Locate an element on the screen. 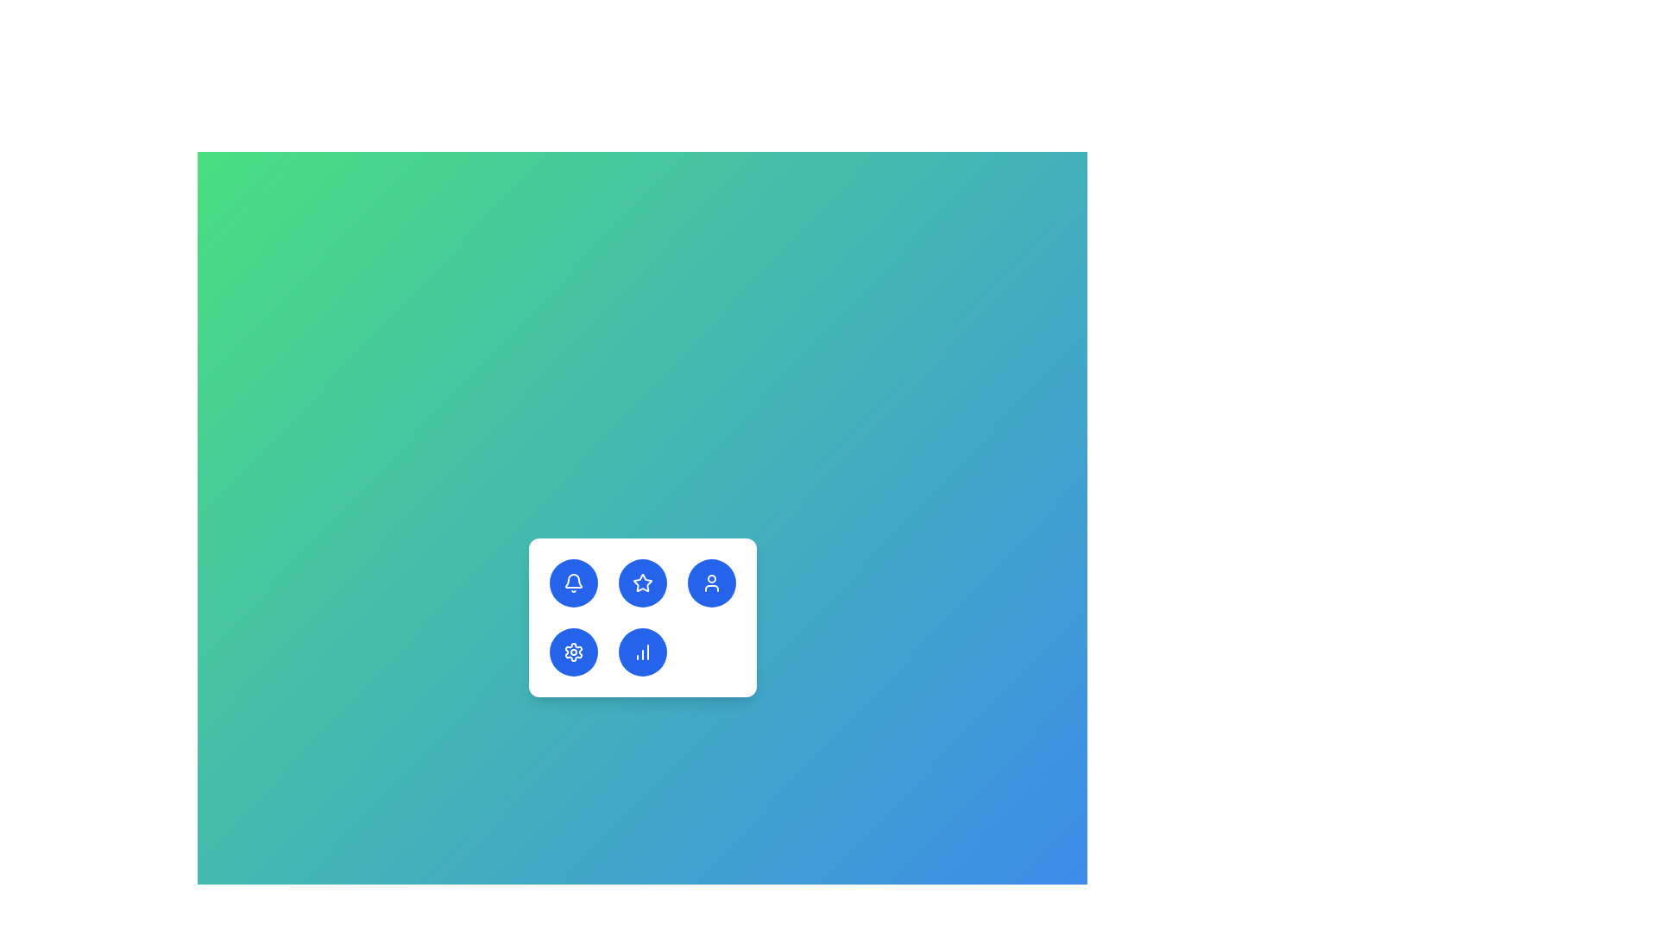 Image resolution: width=1657 pixels, height=932 pixels. the star-shaped icon with a hollow center outlined in white, located is located at coordinates (641, 582).